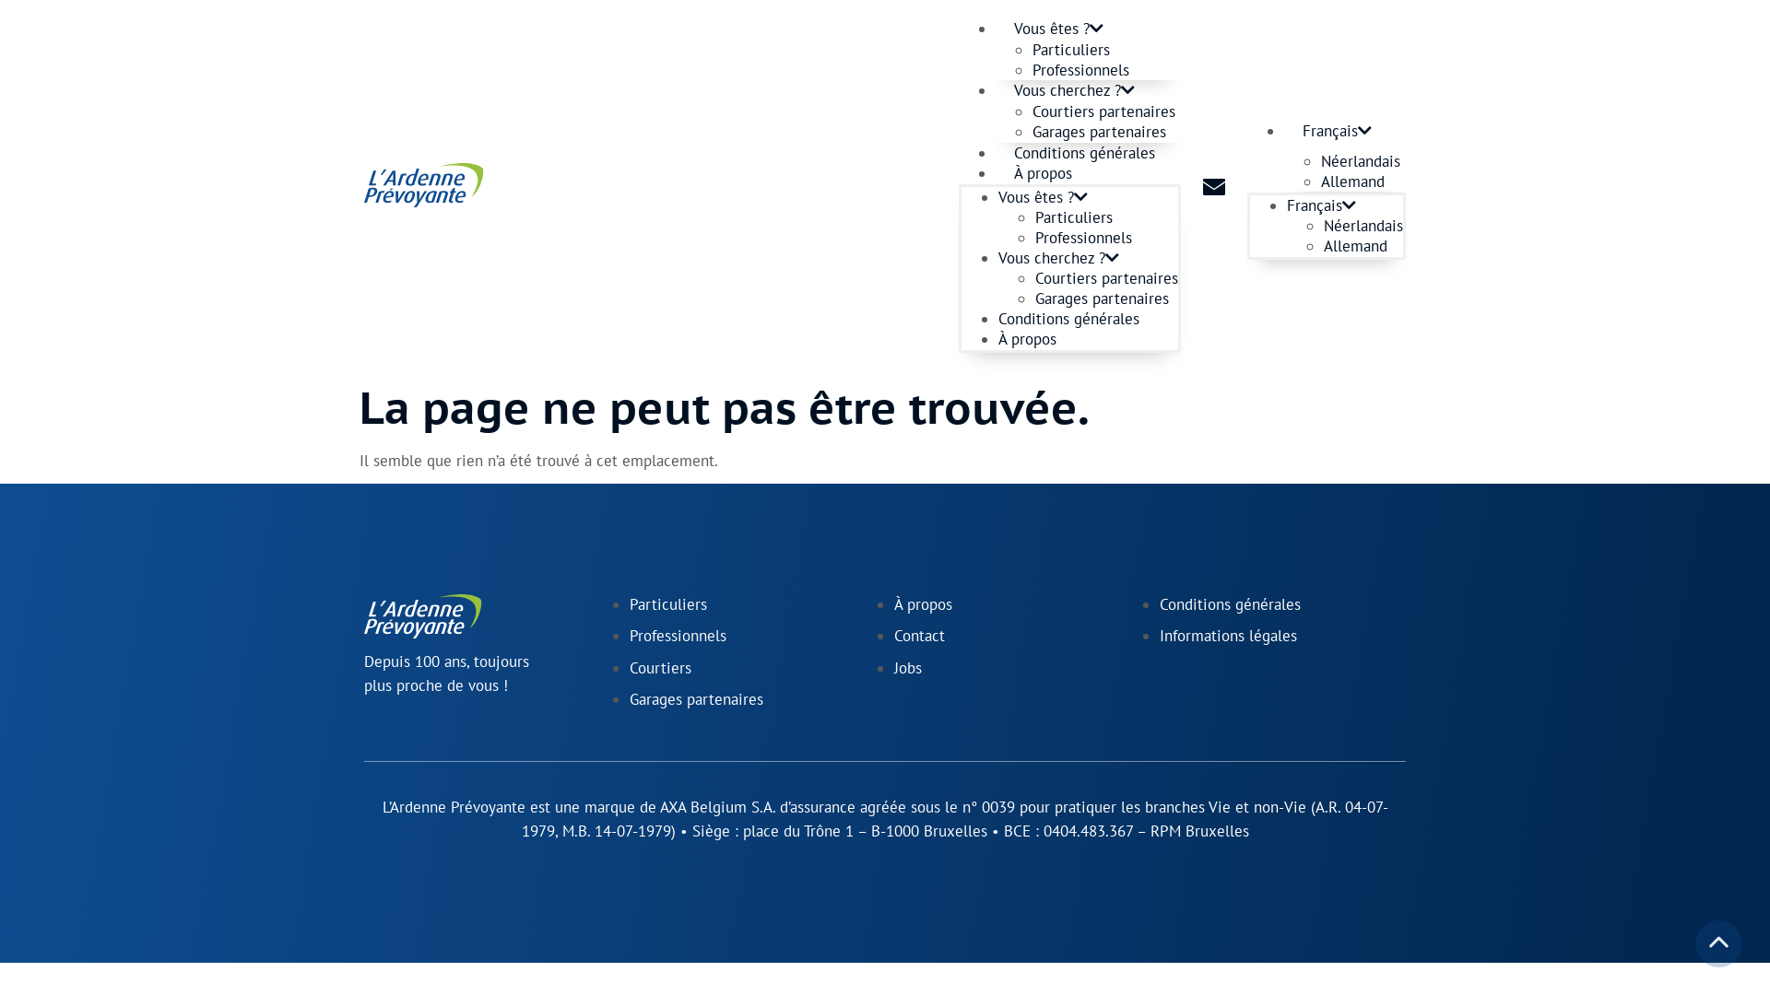 This screenshot has height=995, width=1770. What do you see at coordinates (907, 668) in the screenshot?
I see `'Jobs'` at bounding box center [907, 668].